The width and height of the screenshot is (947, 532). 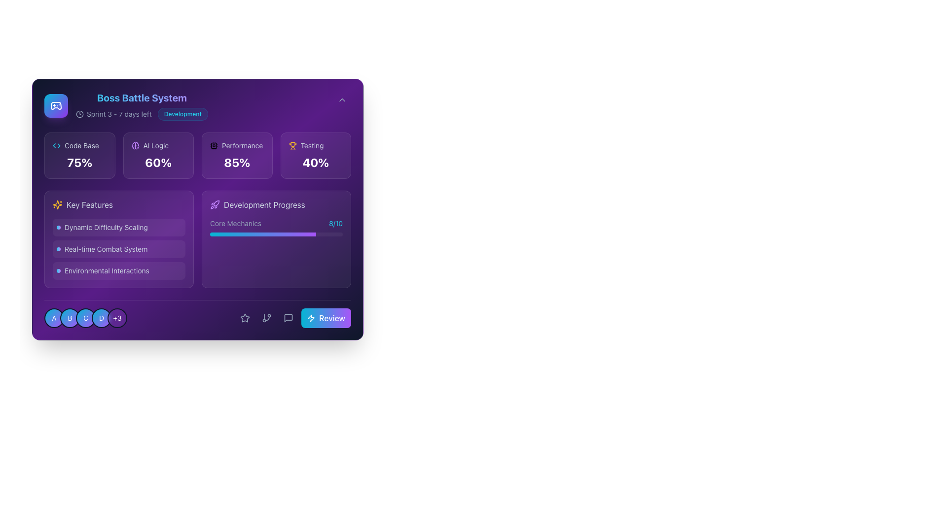 I want to click on descriptive text label 'AI Logic' located in the upper center section of the main interface, specifically in the second box of a horizontal row of four, so click(x=155, y=146).